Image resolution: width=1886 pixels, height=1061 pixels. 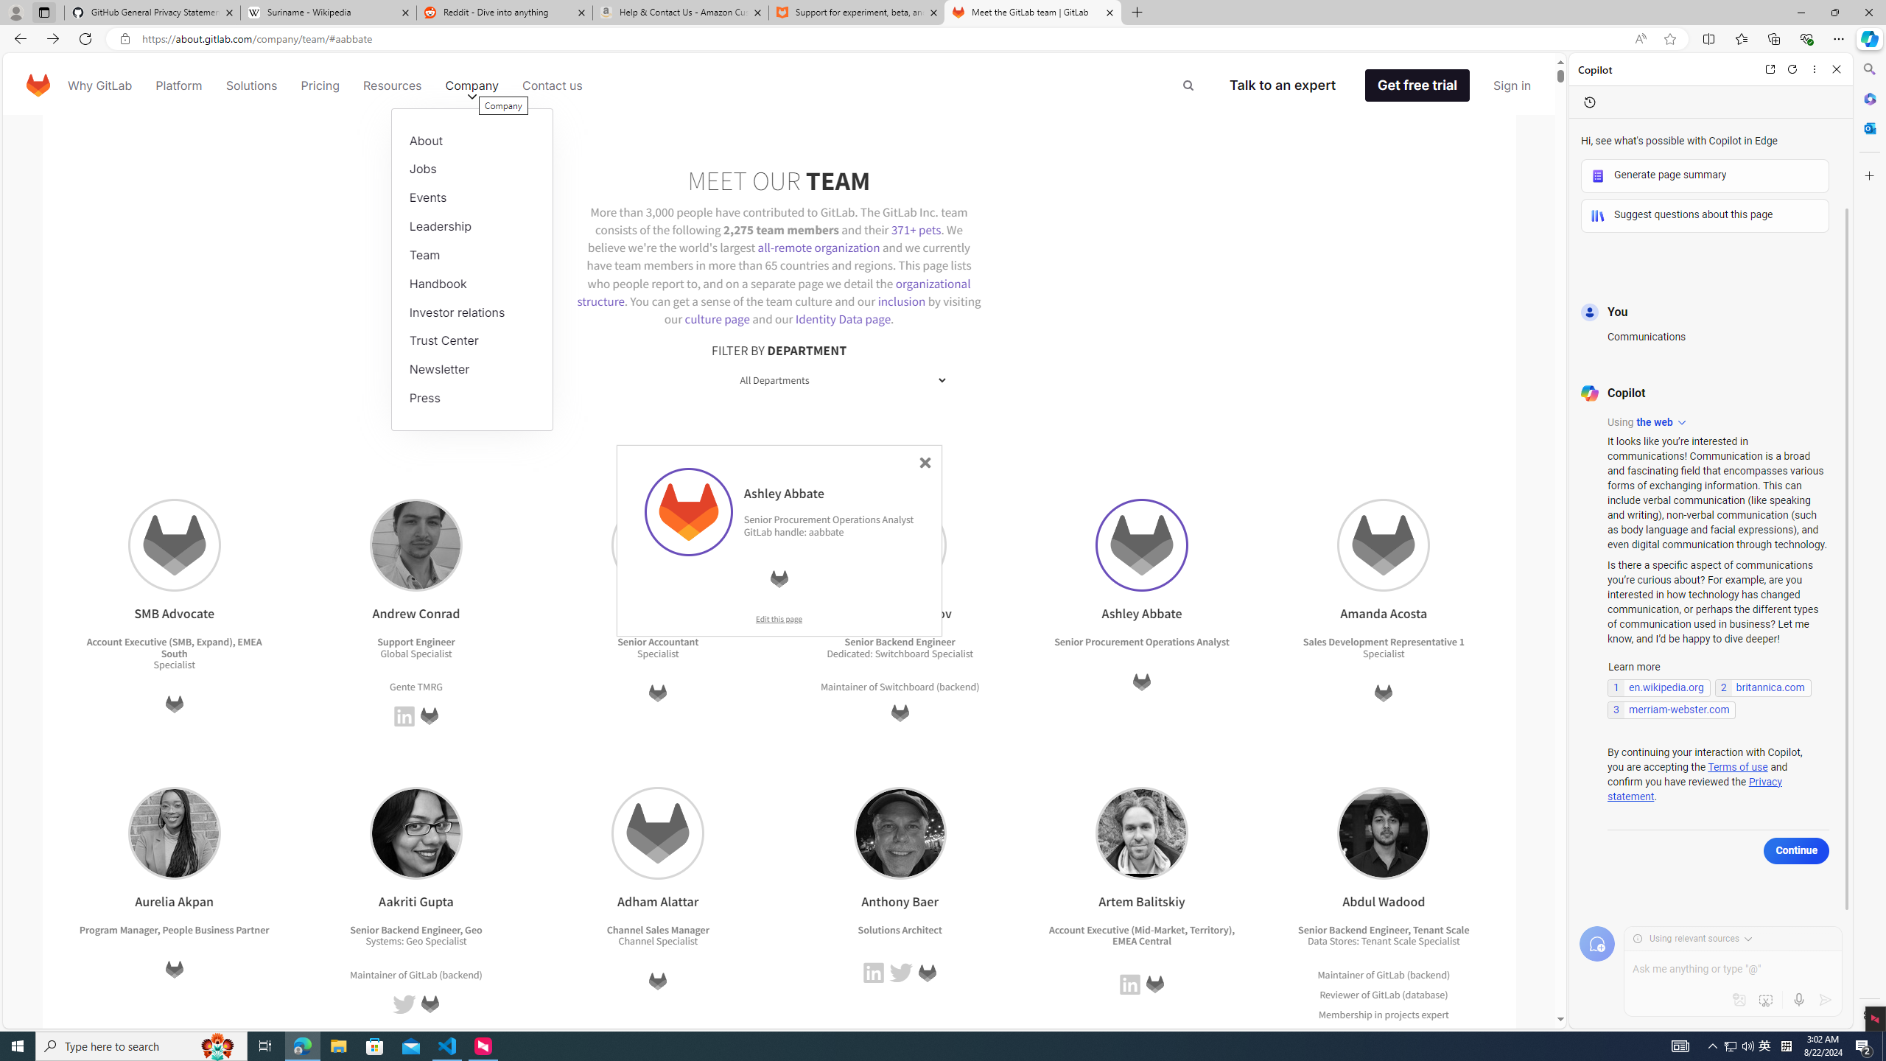 What do you see at coordinates (900, 685) in the screenshot?
I see `'Maintainer of Switchboard (backend)'` at bounding box center [900, 685].